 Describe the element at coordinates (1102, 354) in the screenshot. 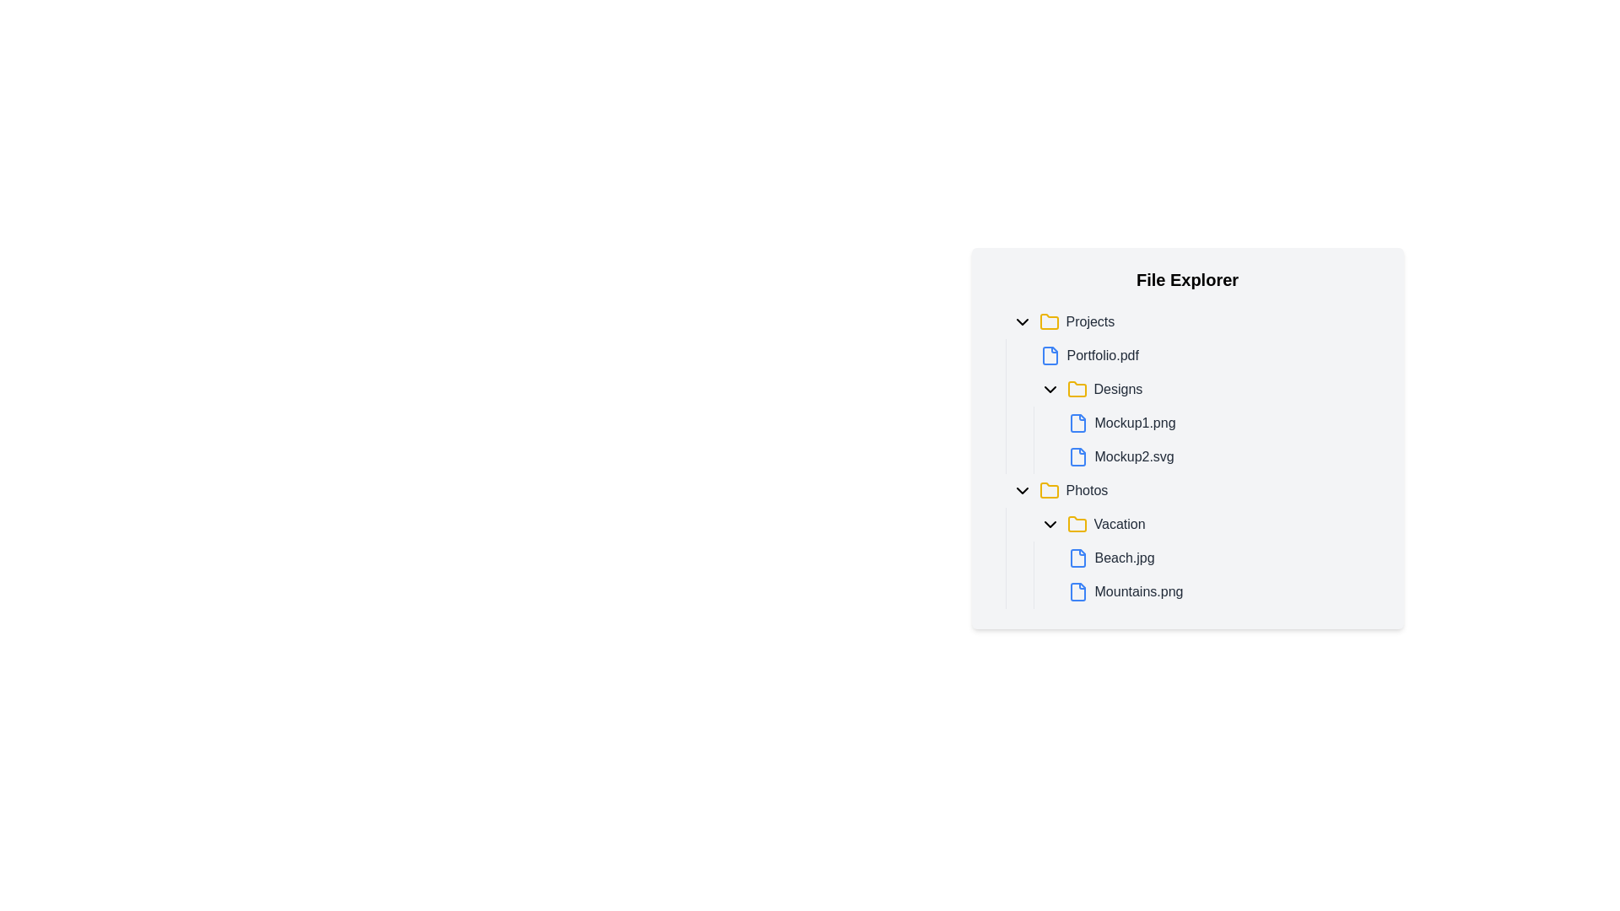

I see `the text label displaying 'Portfolio.pdf' in the file explorer under the 'Projects' folder` at that location.